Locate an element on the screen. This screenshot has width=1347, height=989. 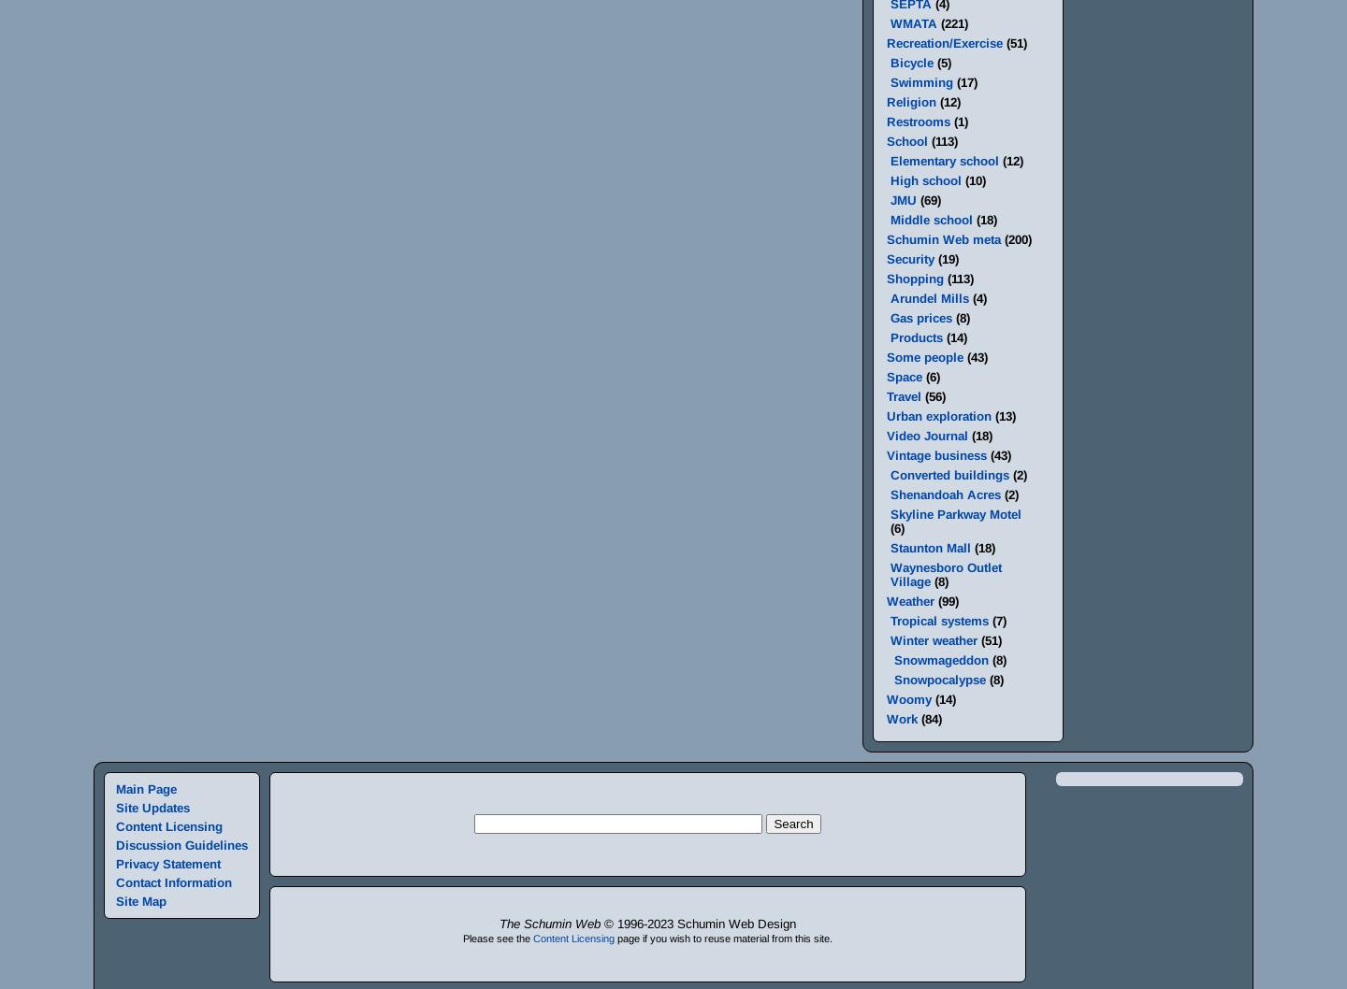
'Security' is located at coordinates (886, 258).